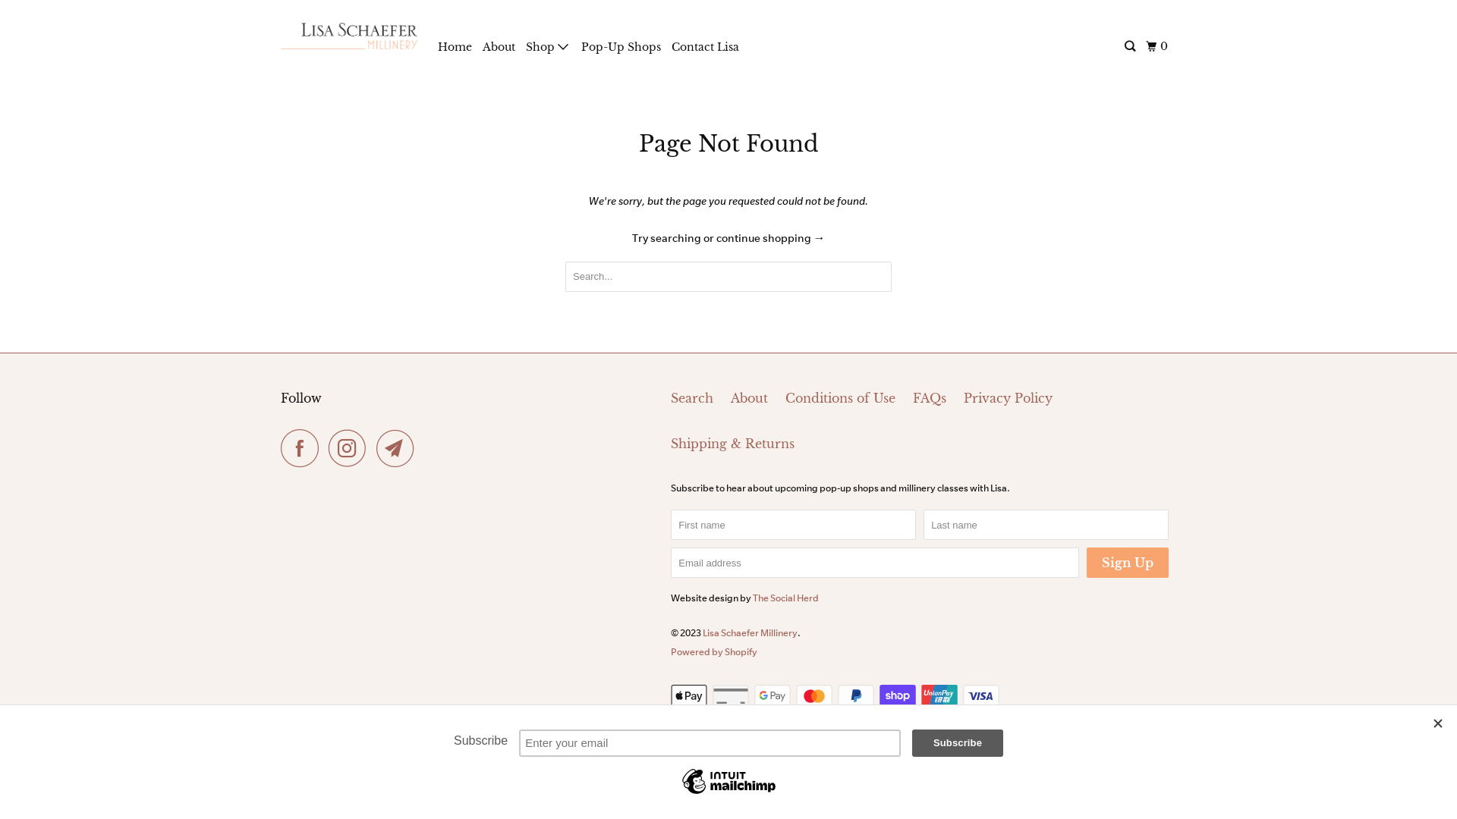  What do you see at coordinates (1131, 45) in the screenshot?
I see `'Search'` at bounding box center [1131, 45].